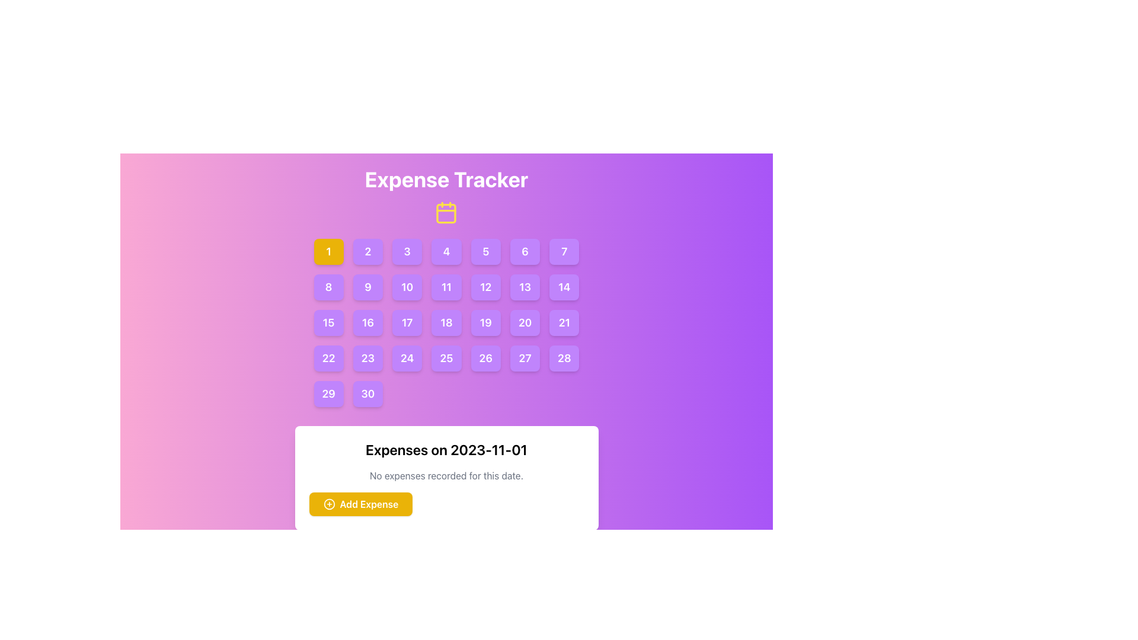 This screenshot has height=640, width=1138. Describe the element at coordinates (407, 322) in the screenshot. I see `the clickable button representing the 17th day in the calendar grid` at that location.